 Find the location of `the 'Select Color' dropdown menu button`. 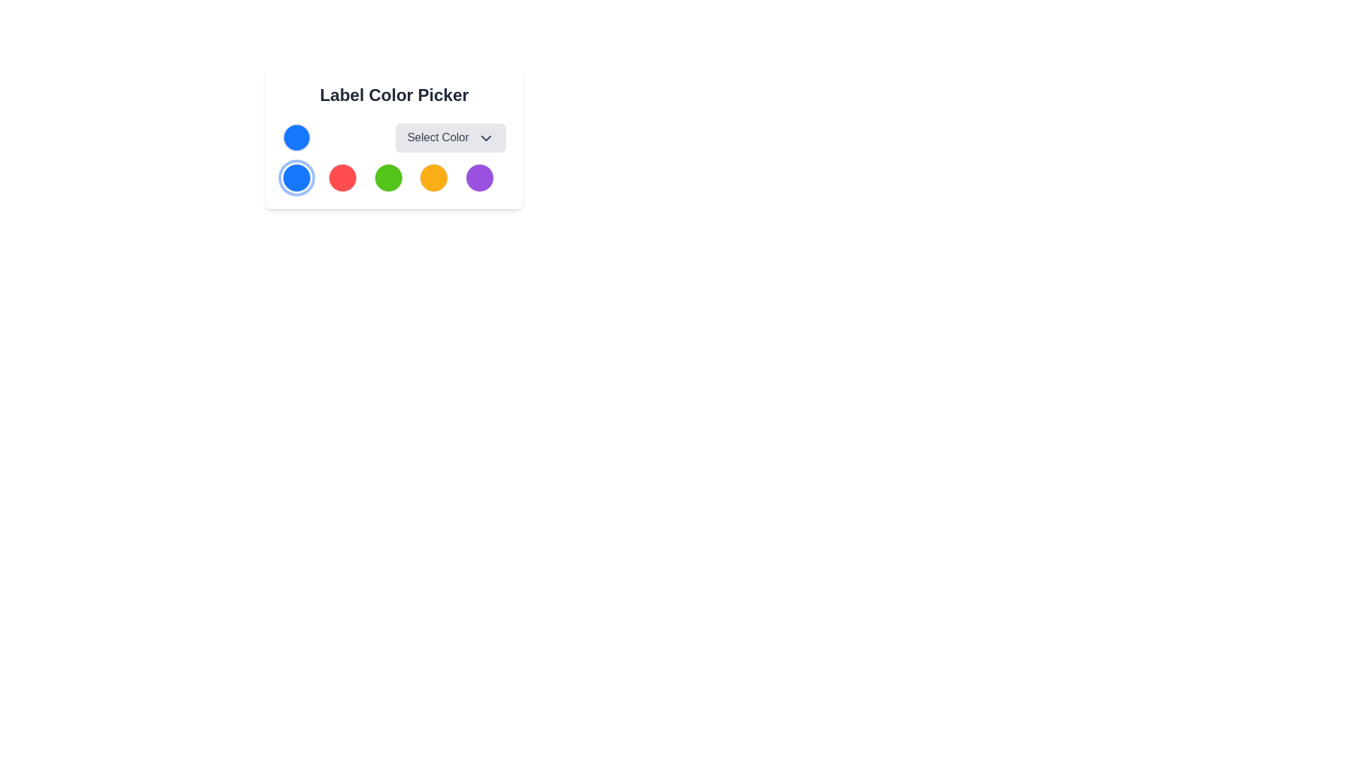

the 'Select Color' dropdown menu button is located at coordinates (450, 138).